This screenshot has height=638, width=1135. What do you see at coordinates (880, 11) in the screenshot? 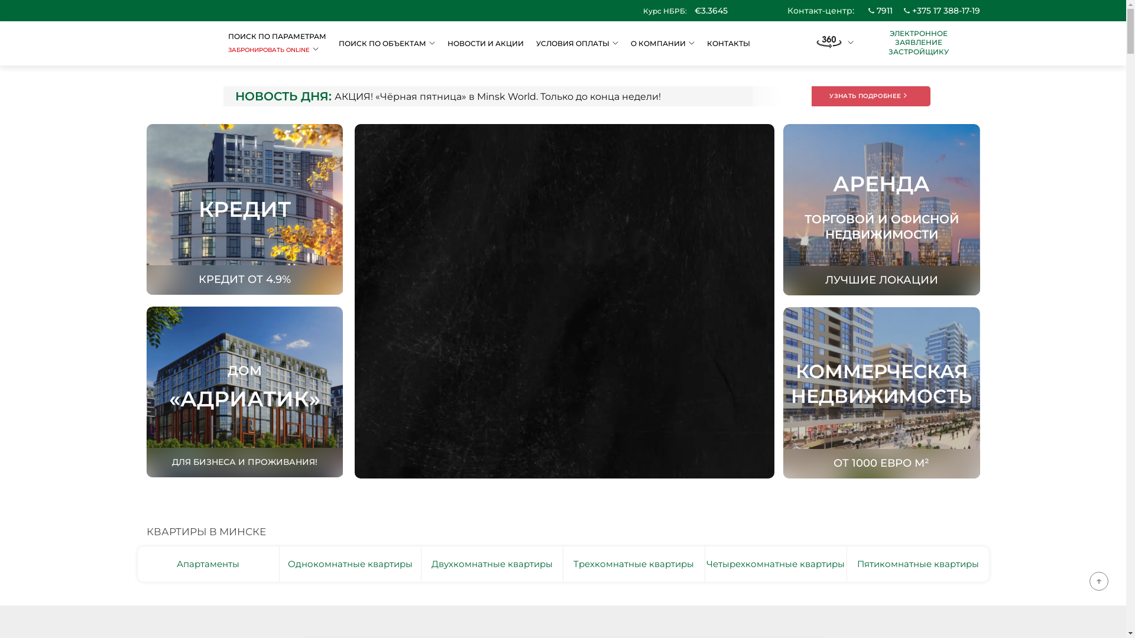
I see `'7911'` at bounding box center [880, 11].